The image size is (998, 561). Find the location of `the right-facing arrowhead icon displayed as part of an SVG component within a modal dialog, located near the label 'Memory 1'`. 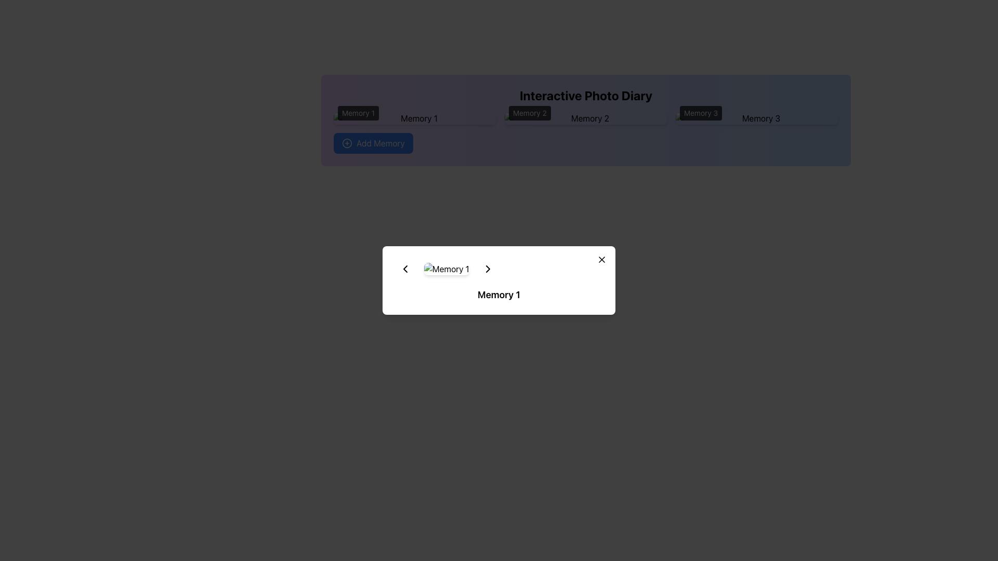

the right-facing arrowhead icon displayed as part of an SVG component within a modal dialog, located near the label 'Memory 1' is located at coordinates (487, 268).